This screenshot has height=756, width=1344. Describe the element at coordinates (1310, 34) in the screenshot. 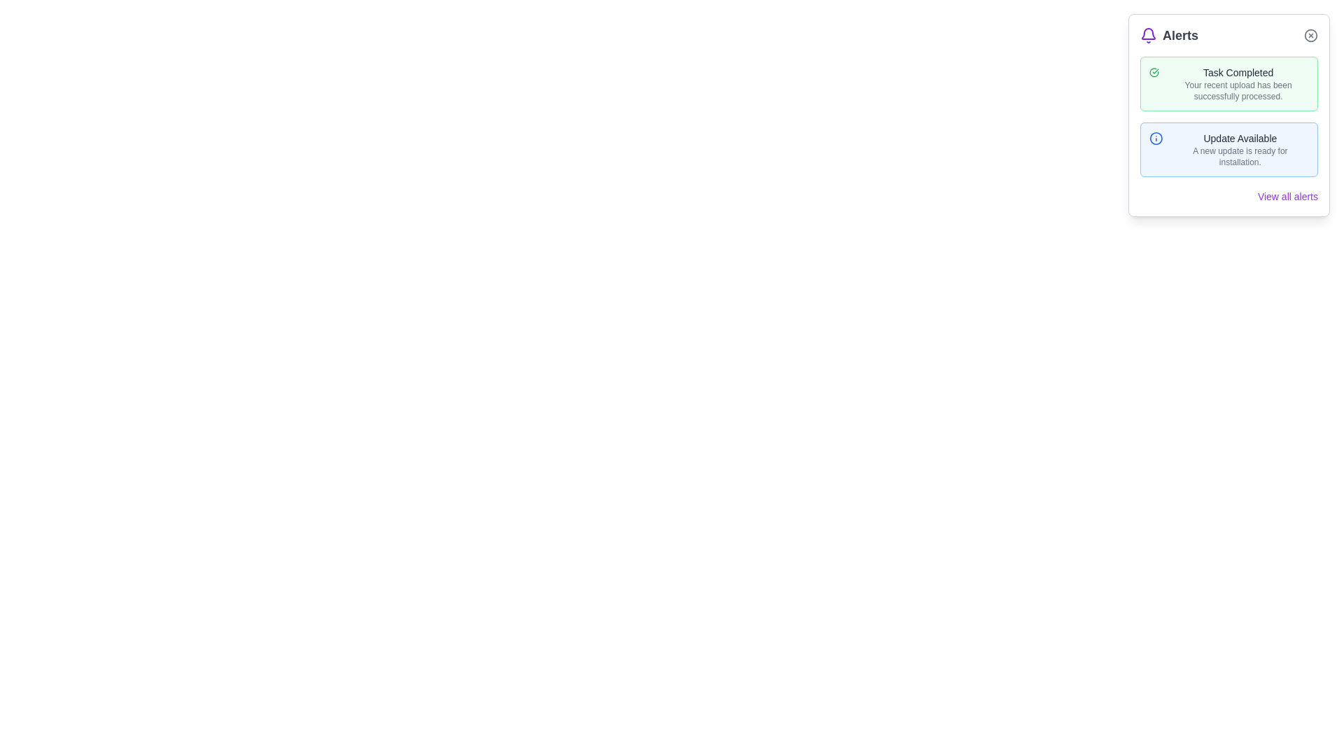

I see `the close button located at the upper-right corner of the 'Alerts' card to view additional options` at that location.